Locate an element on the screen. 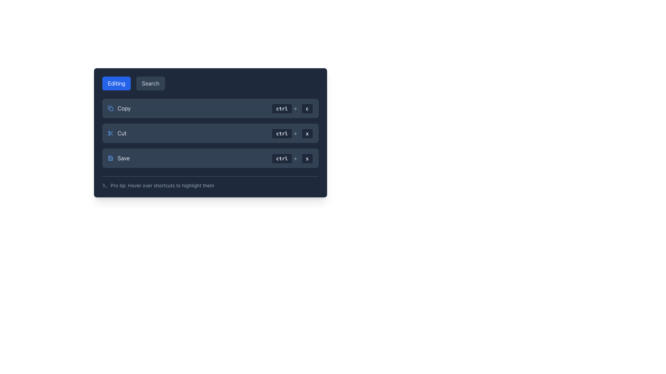 The width and height of the screenshot is (666, 374). the button-like indicator with a dark background and the letter 's' in light color, located as the last item in the row associated with the 'Save' keyboard shortcut in the third row of shortcut instructions is located at coordinates (307, 159).